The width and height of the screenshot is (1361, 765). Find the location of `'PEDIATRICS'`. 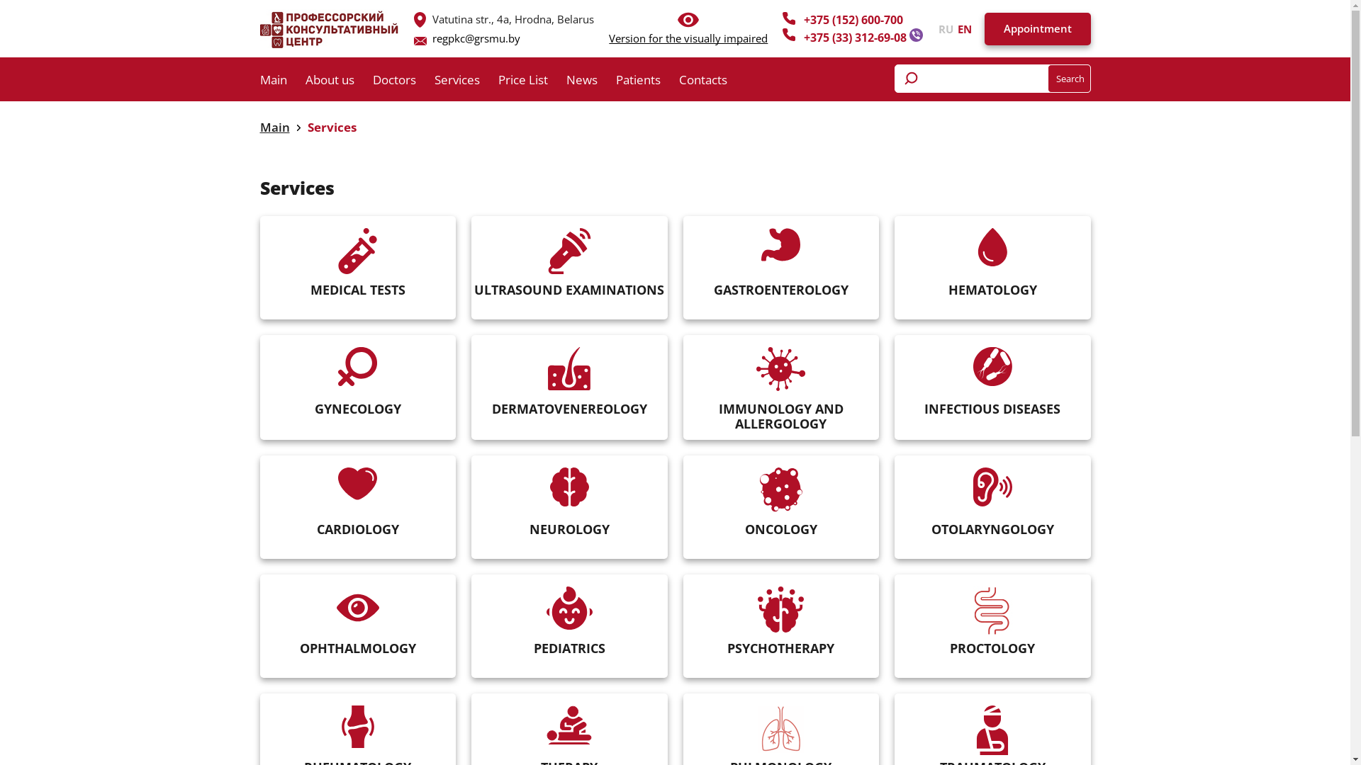

'PEDIATRICS' is located at coordinates (569, 625).